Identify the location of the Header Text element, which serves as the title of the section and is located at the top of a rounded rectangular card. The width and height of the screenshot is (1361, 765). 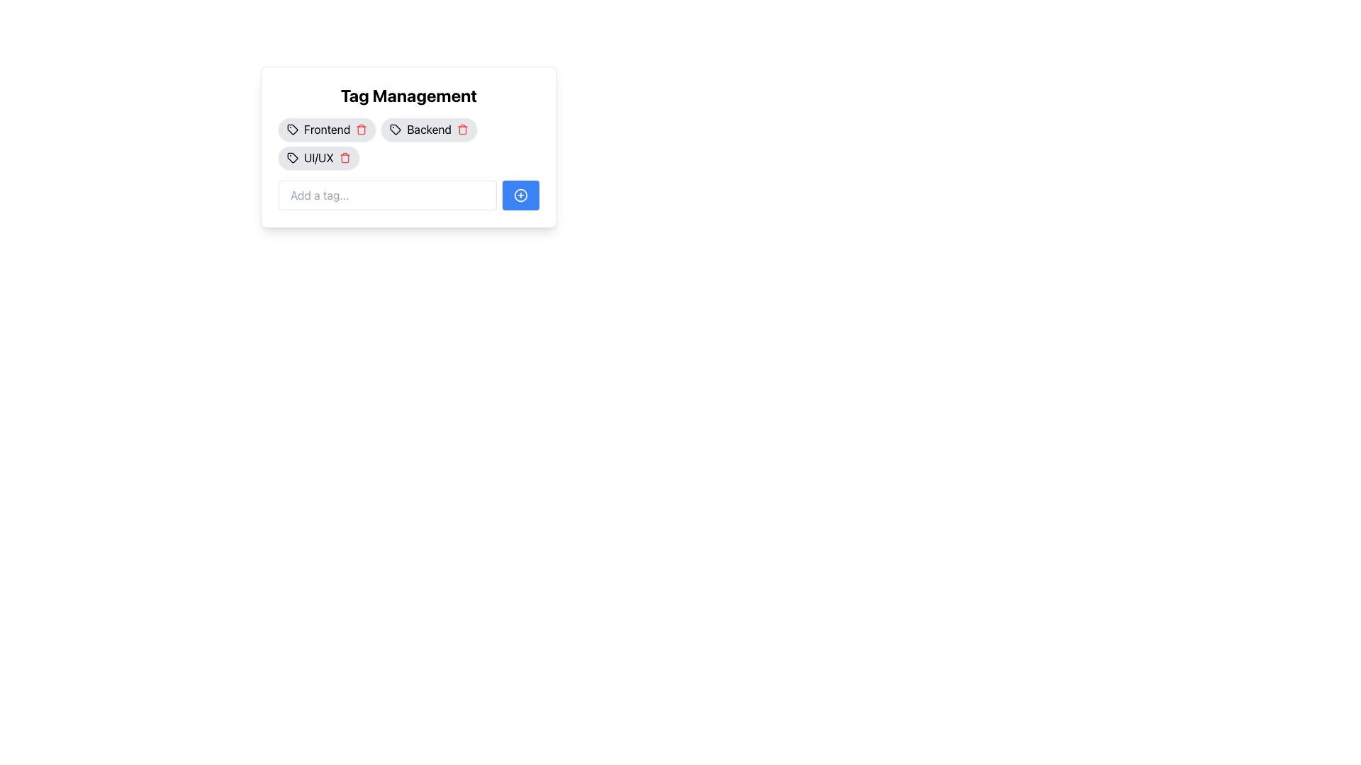
(408, 96).